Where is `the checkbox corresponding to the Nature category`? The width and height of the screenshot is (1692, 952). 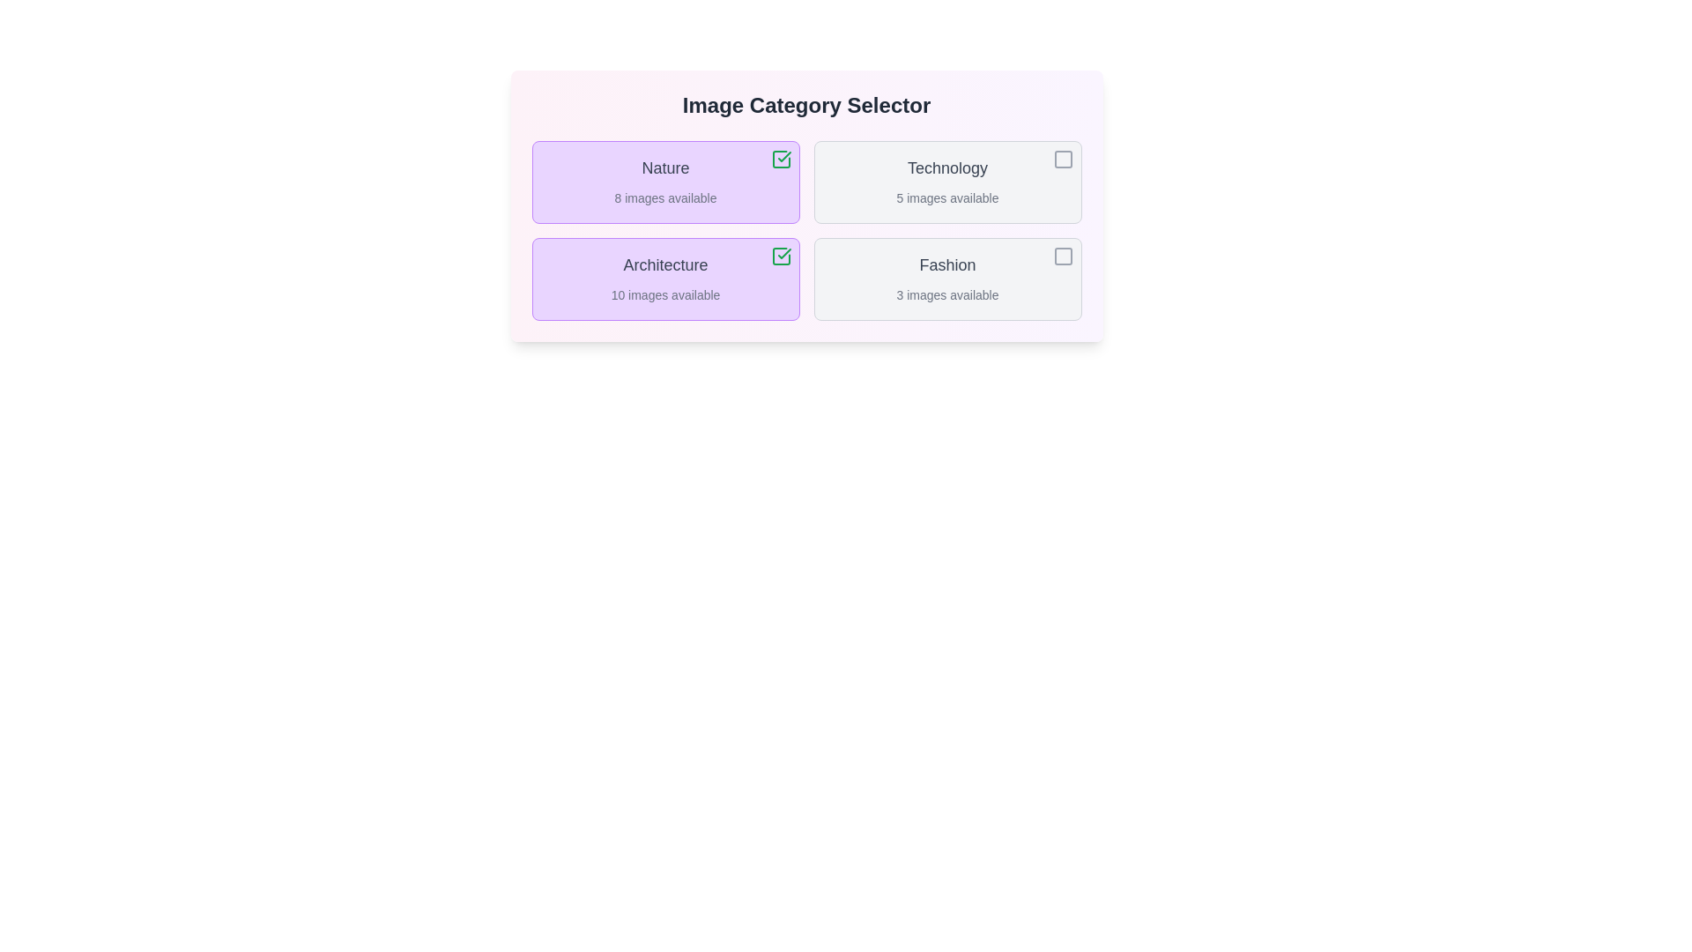 the checkbox corresponding to the Nature category is located at coordinates (780, 160).